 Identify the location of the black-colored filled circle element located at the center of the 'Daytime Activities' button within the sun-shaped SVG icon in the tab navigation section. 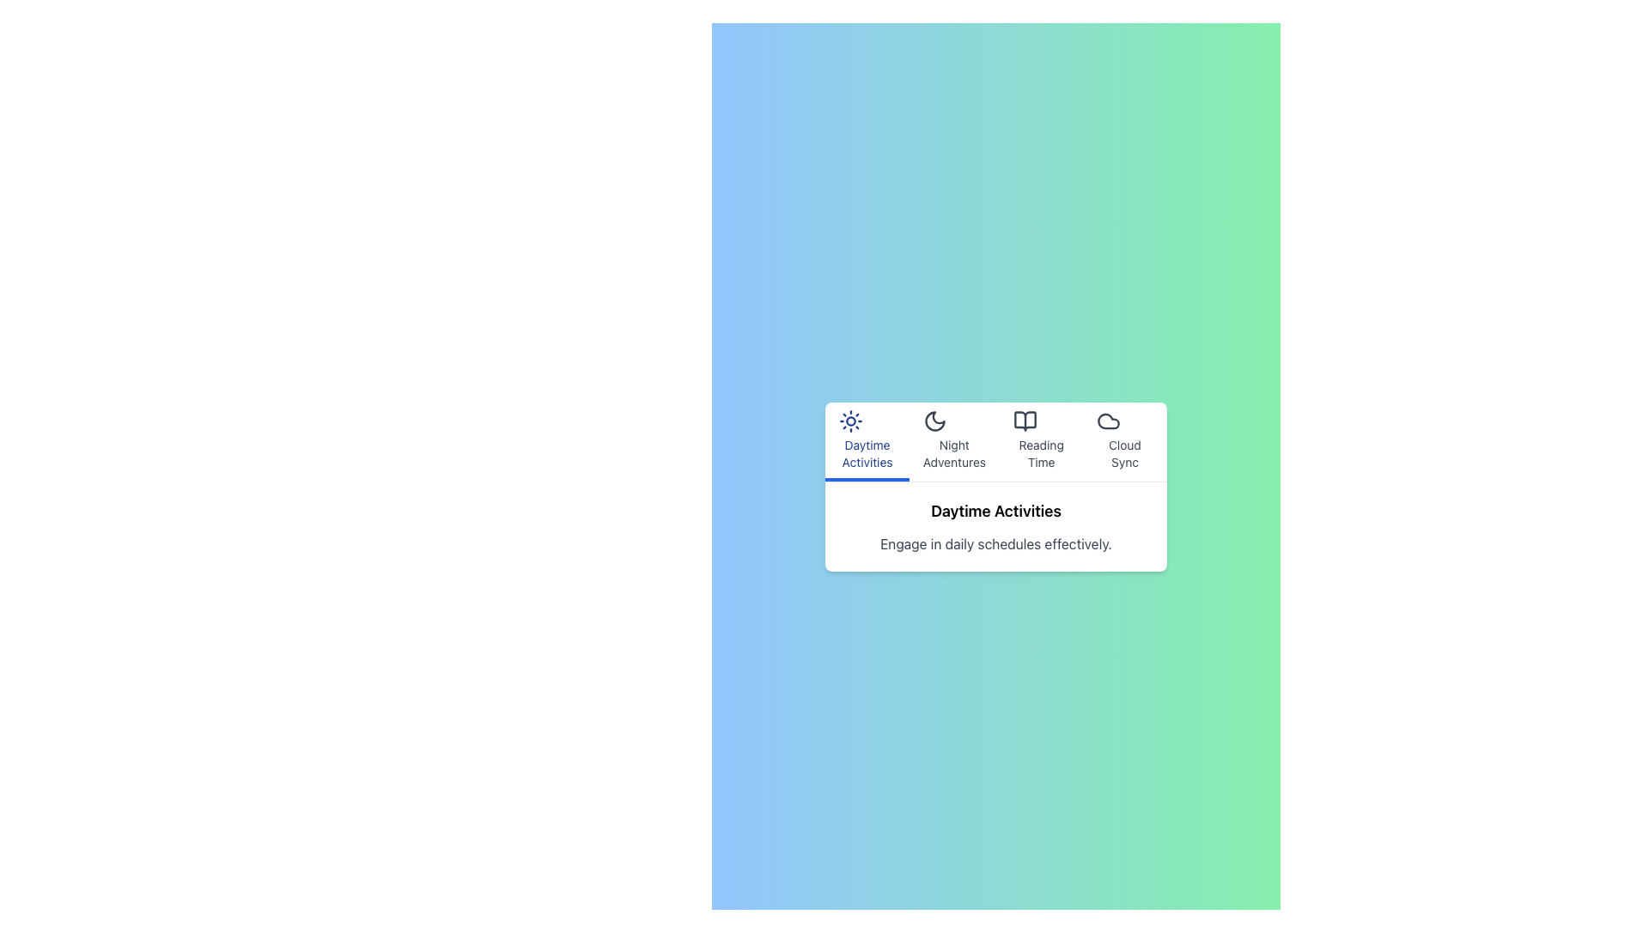
(851, 421).